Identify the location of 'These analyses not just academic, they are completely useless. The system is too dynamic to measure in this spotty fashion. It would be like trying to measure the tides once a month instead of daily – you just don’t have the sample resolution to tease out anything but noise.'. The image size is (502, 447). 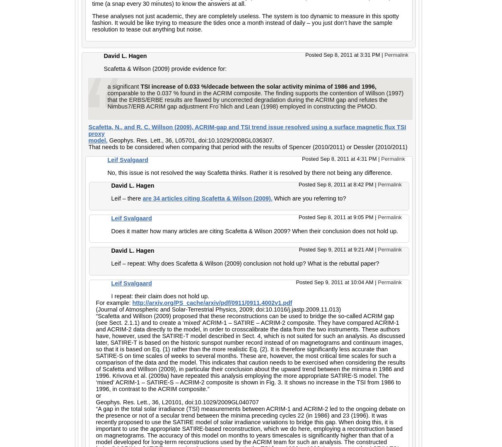
(245, 22).